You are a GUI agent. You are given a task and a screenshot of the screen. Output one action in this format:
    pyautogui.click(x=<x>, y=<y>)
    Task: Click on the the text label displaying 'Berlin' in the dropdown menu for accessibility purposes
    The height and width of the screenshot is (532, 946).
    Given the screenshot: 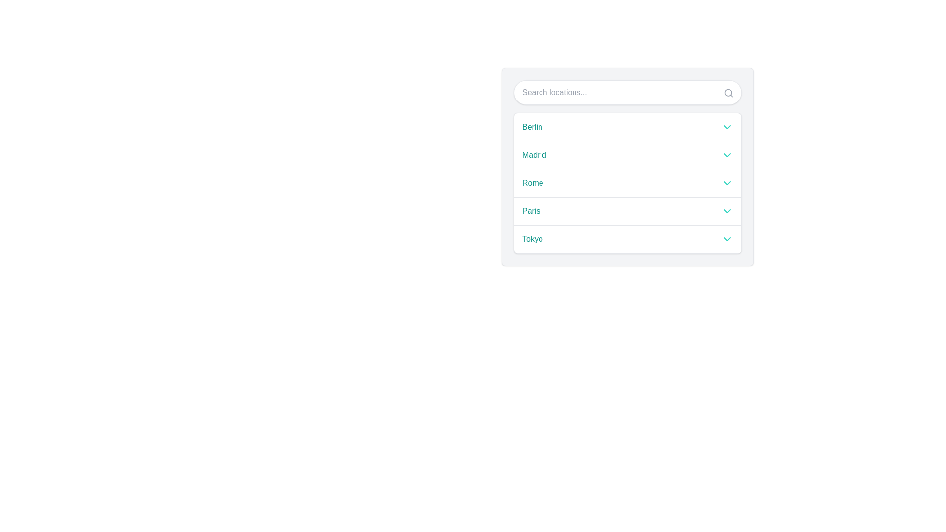 What is the action you would take?
    pyautogui.click(x=532, y=127)
    